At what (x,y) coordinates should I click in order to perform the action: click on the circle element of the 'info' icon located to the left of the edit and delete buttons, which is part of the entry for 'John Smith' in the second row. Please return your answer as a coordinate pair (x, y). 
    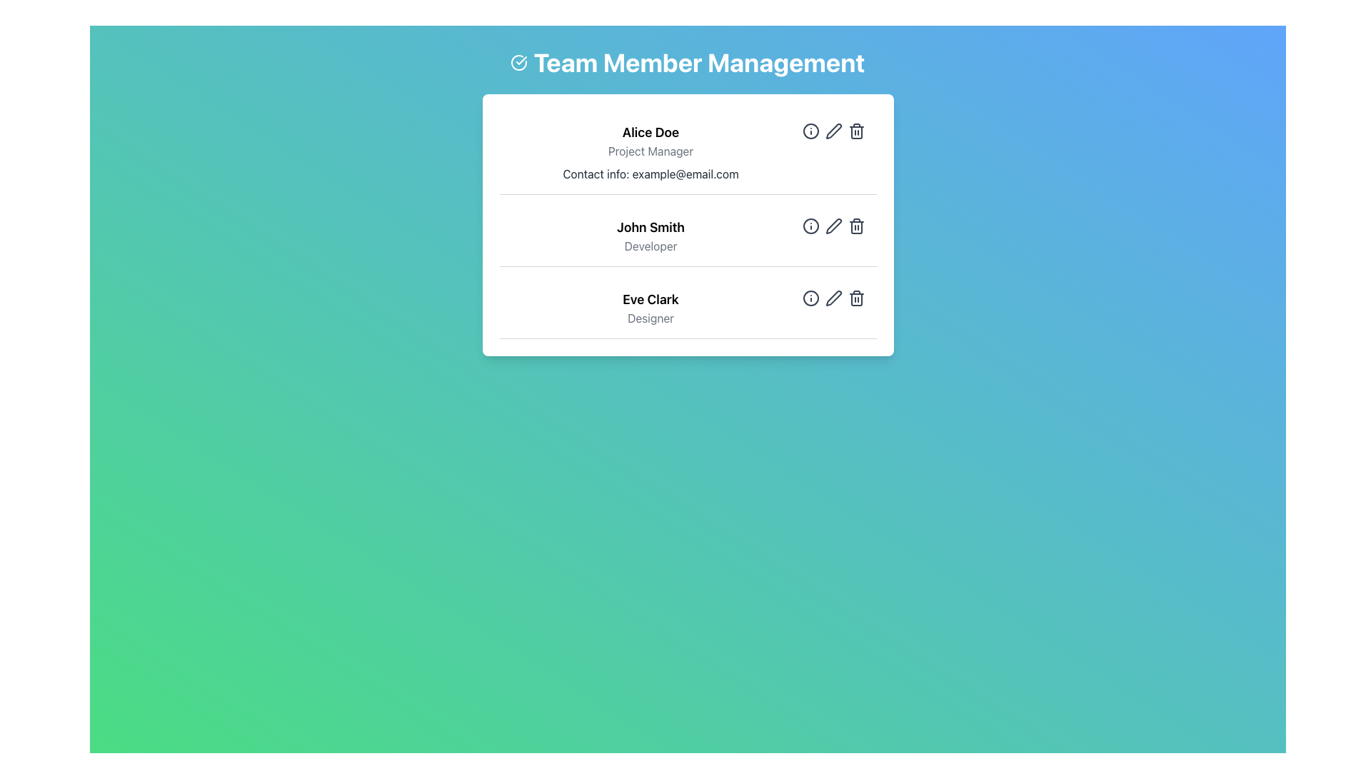
    Looking at the image, I should click on (810, 225).